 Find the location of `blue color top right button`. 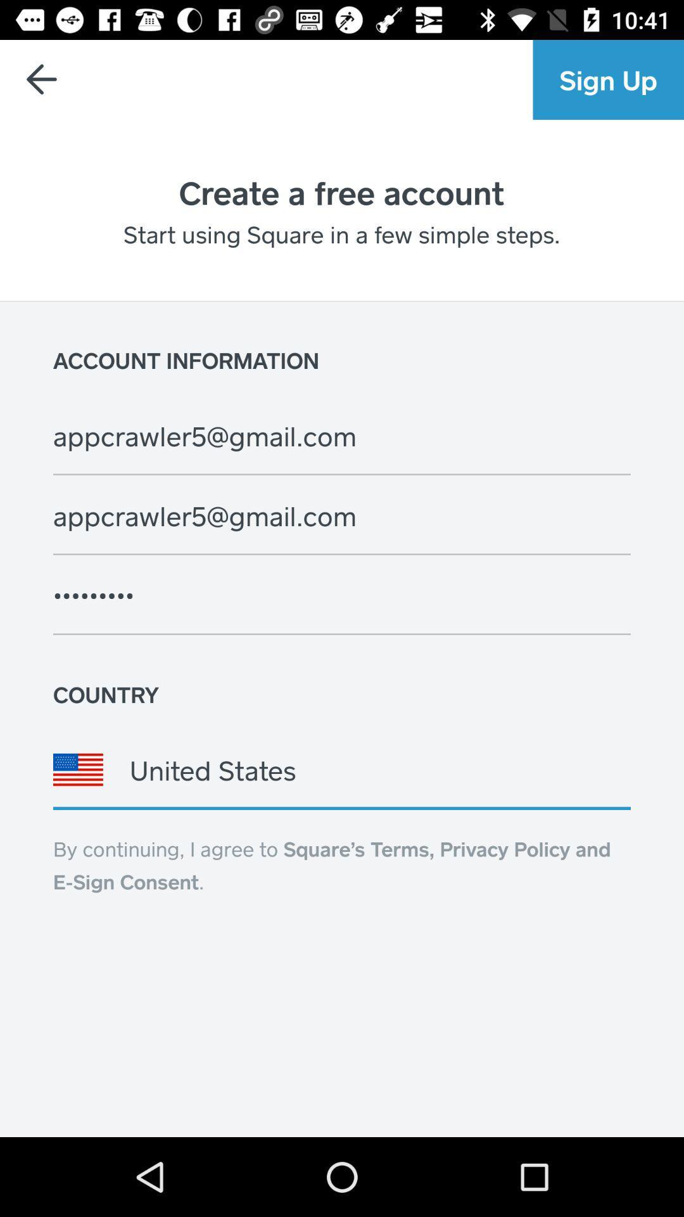

blue color top right button is located at coordinates (607, 79).